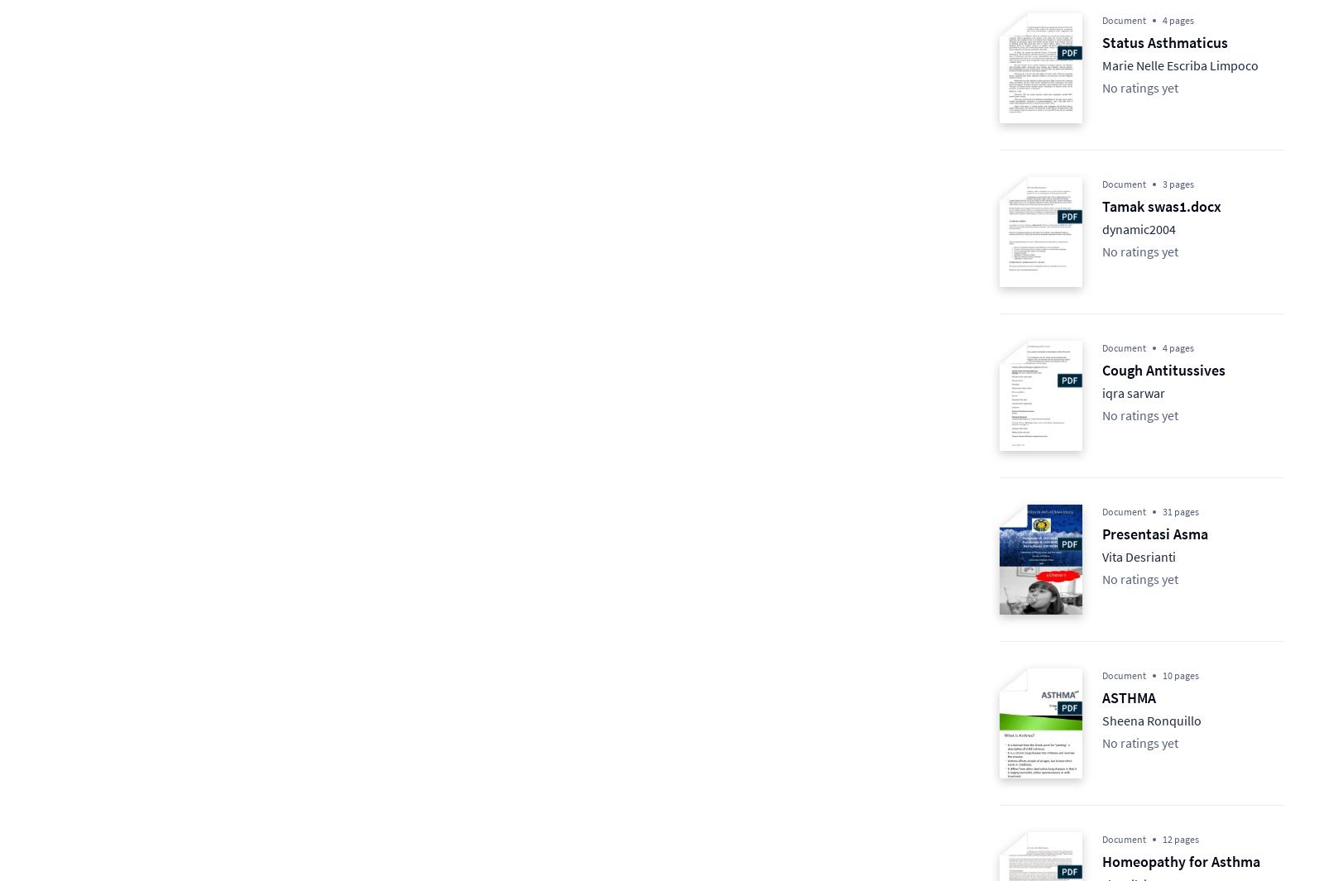 This screenshot has height=881, width=1324. What do you see at coordinates (1178, 183) in the screenshot?
I see `'3 pages'` at bounding box center [1178, 183].